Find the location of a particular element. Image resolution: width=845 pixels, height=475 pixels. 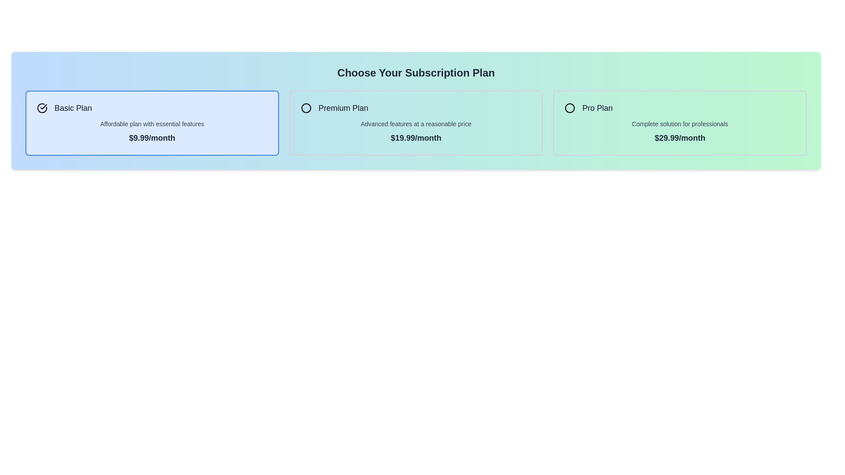

the 'Premium Plan' text label, which is styled with a large, bold font in black on a white background, located in the middle plan section of the layout is located at coordinates (343, 108).